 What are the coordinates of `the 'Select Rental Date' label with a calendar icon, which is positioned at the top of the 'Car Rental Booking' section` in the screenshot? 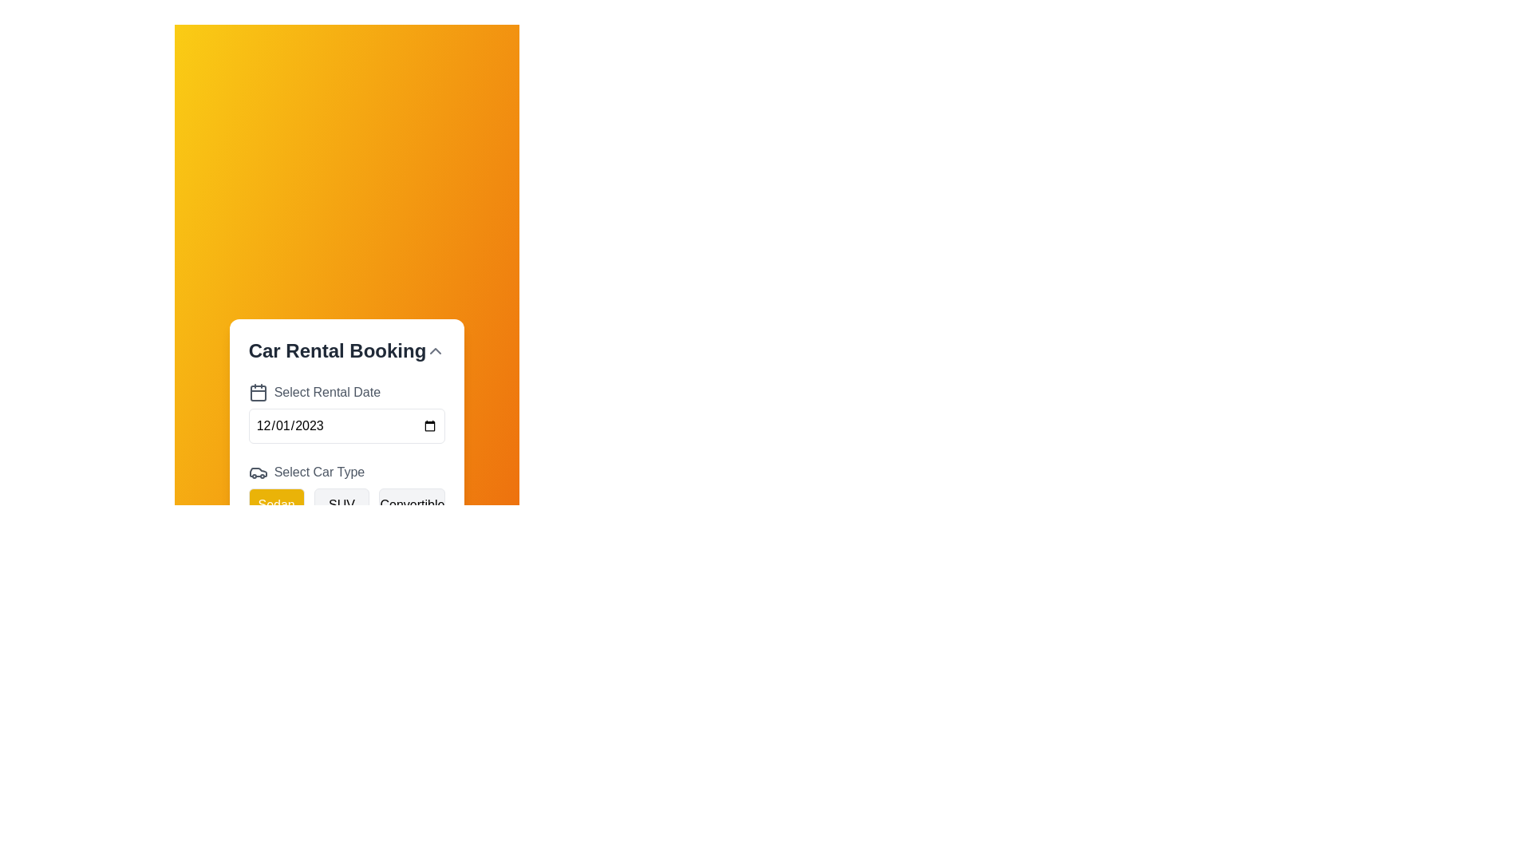 It's located at (346, 393).